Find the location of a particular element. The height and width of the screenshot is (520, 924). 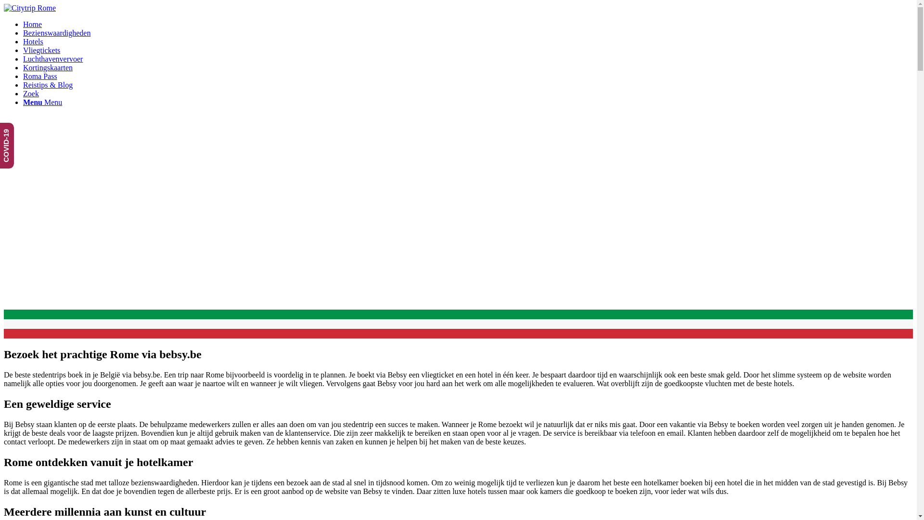

'Bezienswaardigheden' is located at coordinates (56, 32).